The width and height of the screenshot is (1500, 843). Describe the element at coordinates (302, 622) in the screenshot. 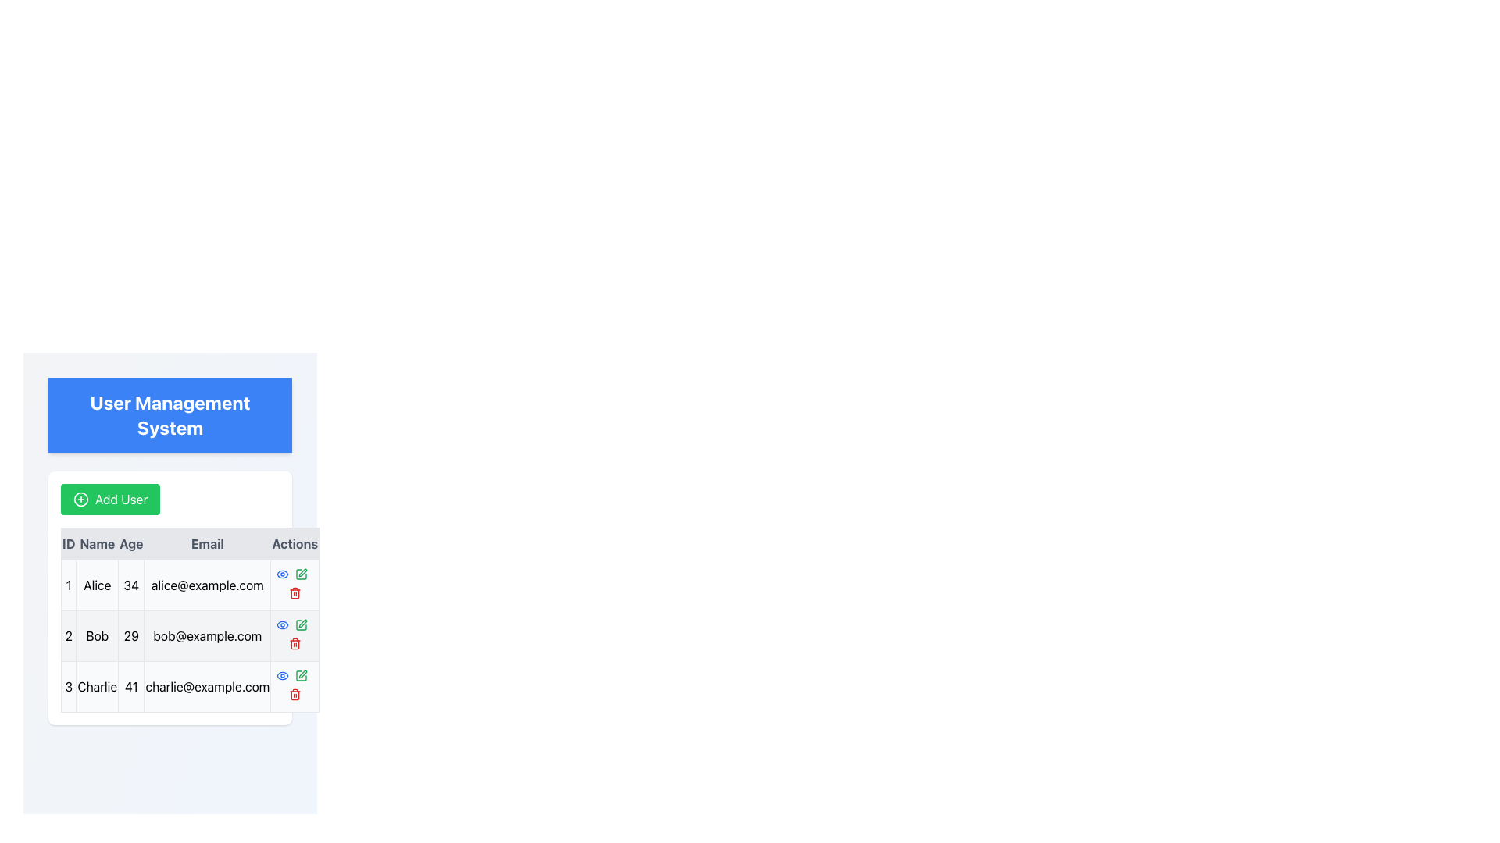

I see `the editing icon in the 'Actions' column of the table for user 'Charlie'` at that location.